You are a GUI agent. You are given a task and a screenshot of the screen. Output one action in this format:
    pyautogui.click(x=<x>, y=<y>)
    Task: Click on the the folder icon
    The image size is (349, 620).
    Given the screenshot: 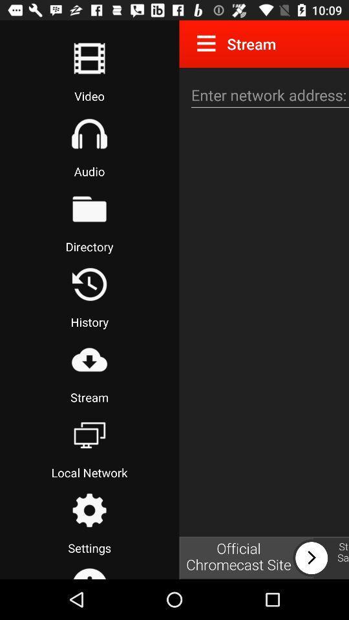 What is the action you would take?
    pyautogui.click(x=89, y=209)
    